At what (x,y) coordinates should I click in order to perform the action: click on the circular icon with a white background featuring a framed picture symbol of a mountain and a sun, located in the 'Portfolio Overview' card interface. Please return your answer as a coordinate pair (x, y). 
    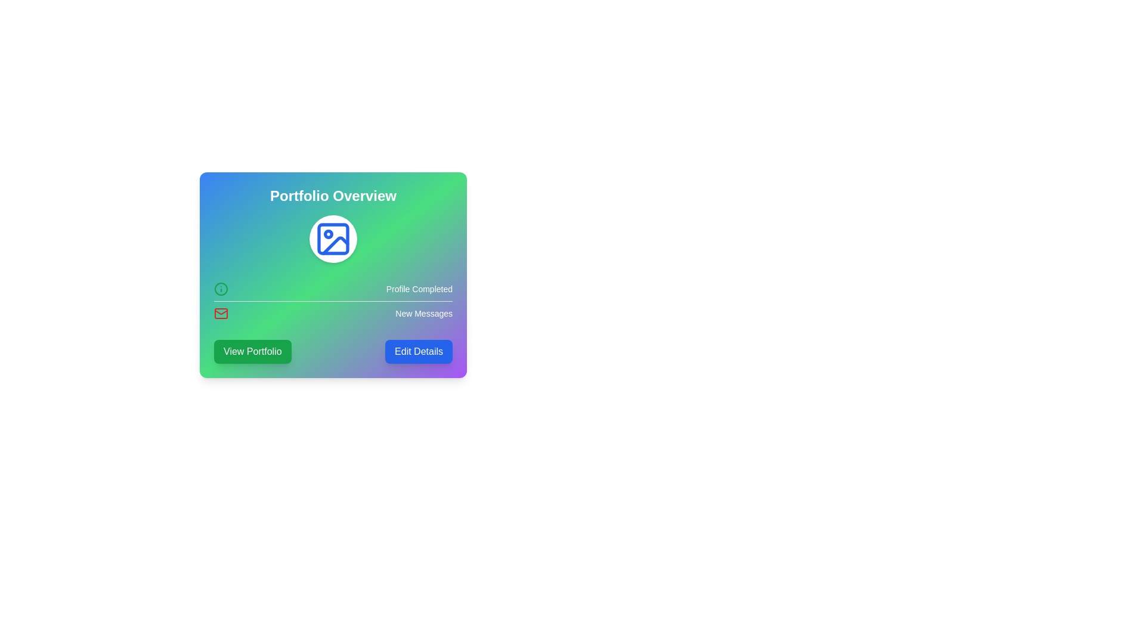
    Looking at the image, I should click on (333, 239).